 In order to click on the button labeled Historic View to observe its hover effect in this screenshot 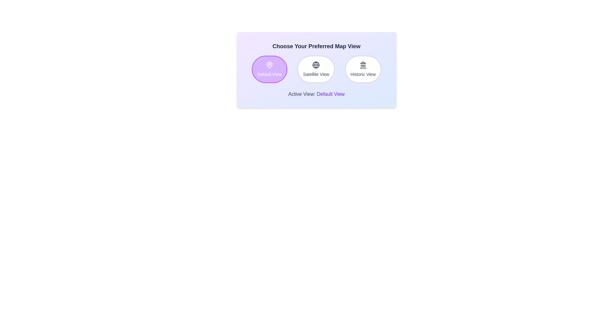, I will do `click(363, 69)`.